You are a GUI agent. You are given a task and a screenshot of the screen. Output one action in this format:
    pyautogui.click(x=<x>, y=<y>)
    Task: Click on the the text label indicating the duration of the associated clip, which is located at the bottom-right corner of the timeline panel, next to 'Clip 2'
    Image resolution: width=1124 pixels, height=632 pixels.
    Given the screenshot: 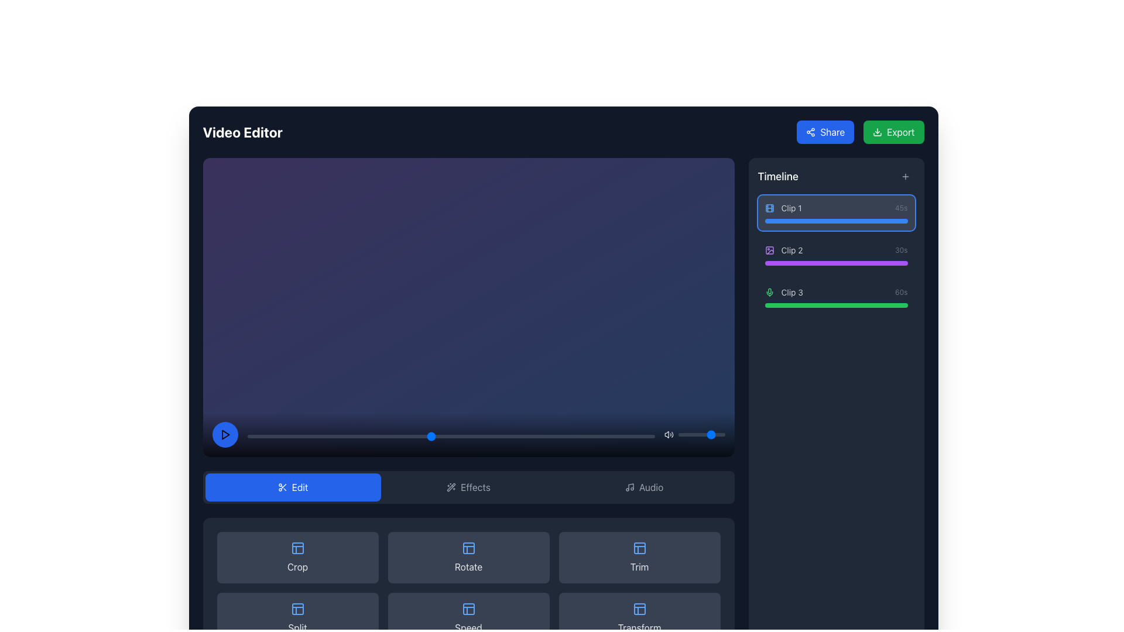 What is the action you would take?
    pyautogui.click(x=900, y=250)
    